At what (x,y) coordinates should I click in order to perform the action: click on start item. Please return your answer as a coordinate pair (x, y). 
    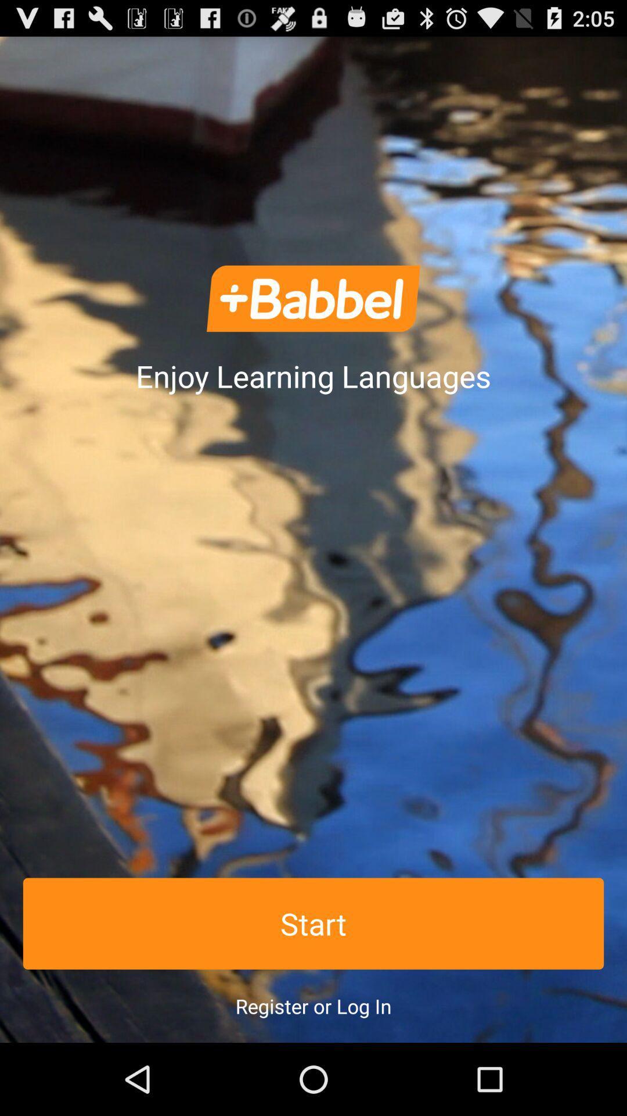
    Looking at the image, I should click on (313, 923).